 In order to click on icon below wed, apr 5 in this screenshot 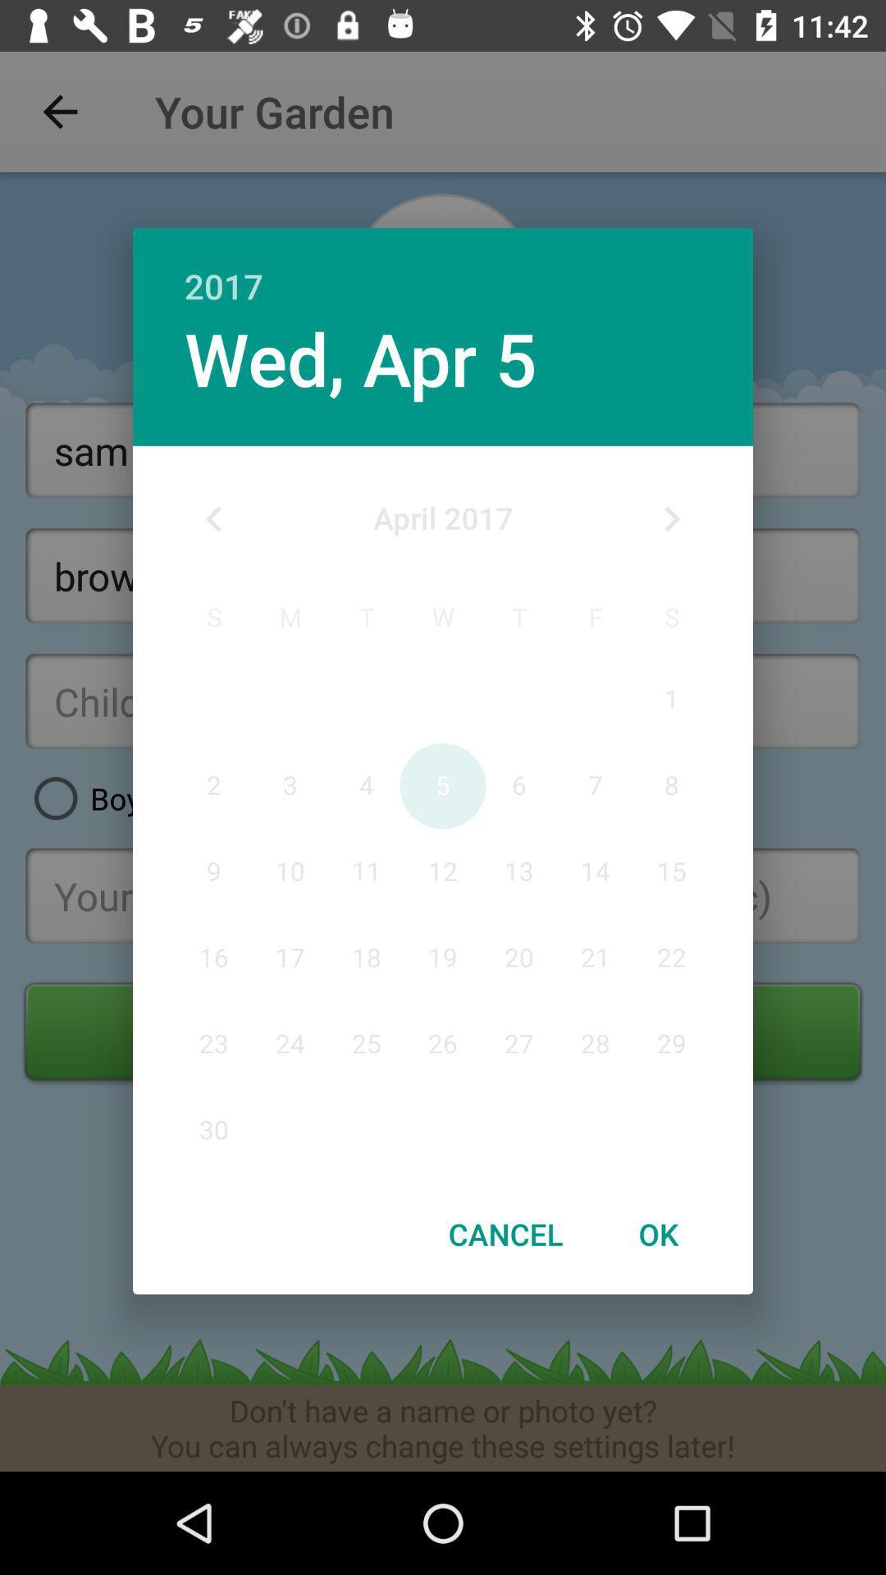, I will do `click(213, 518)`.